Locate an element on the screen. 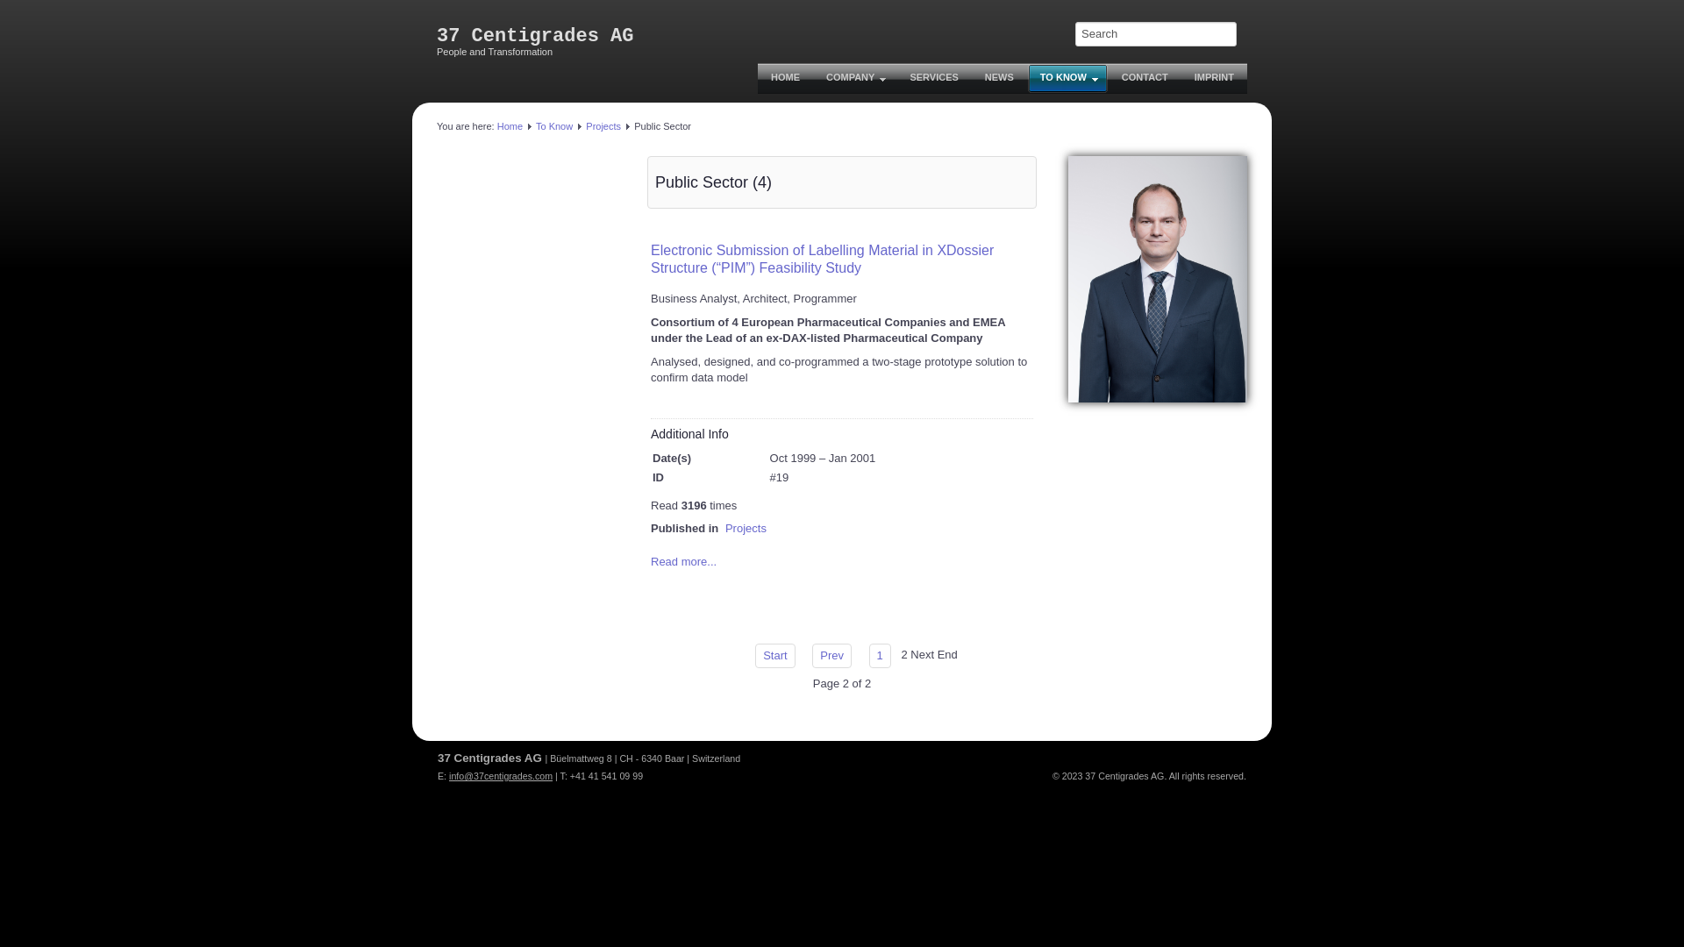  'Prev' is located at coordinates (831, 656).